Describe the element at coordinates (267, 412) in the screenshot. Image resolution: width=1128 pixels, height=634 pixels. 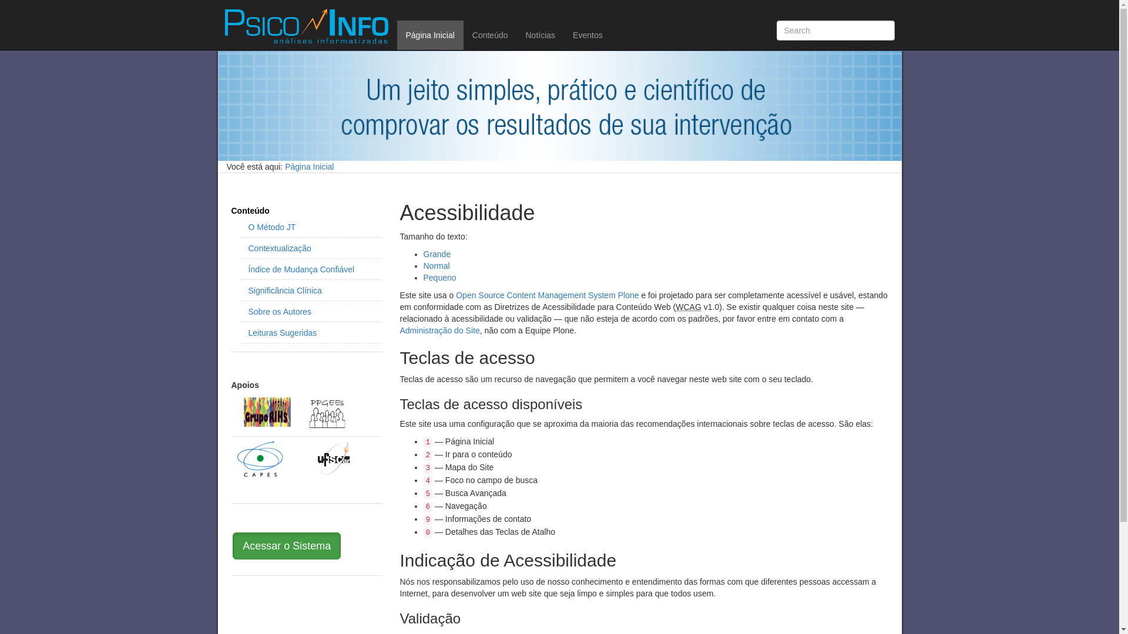
I see `'Logo_Rihs_Pequeno'` at that location.